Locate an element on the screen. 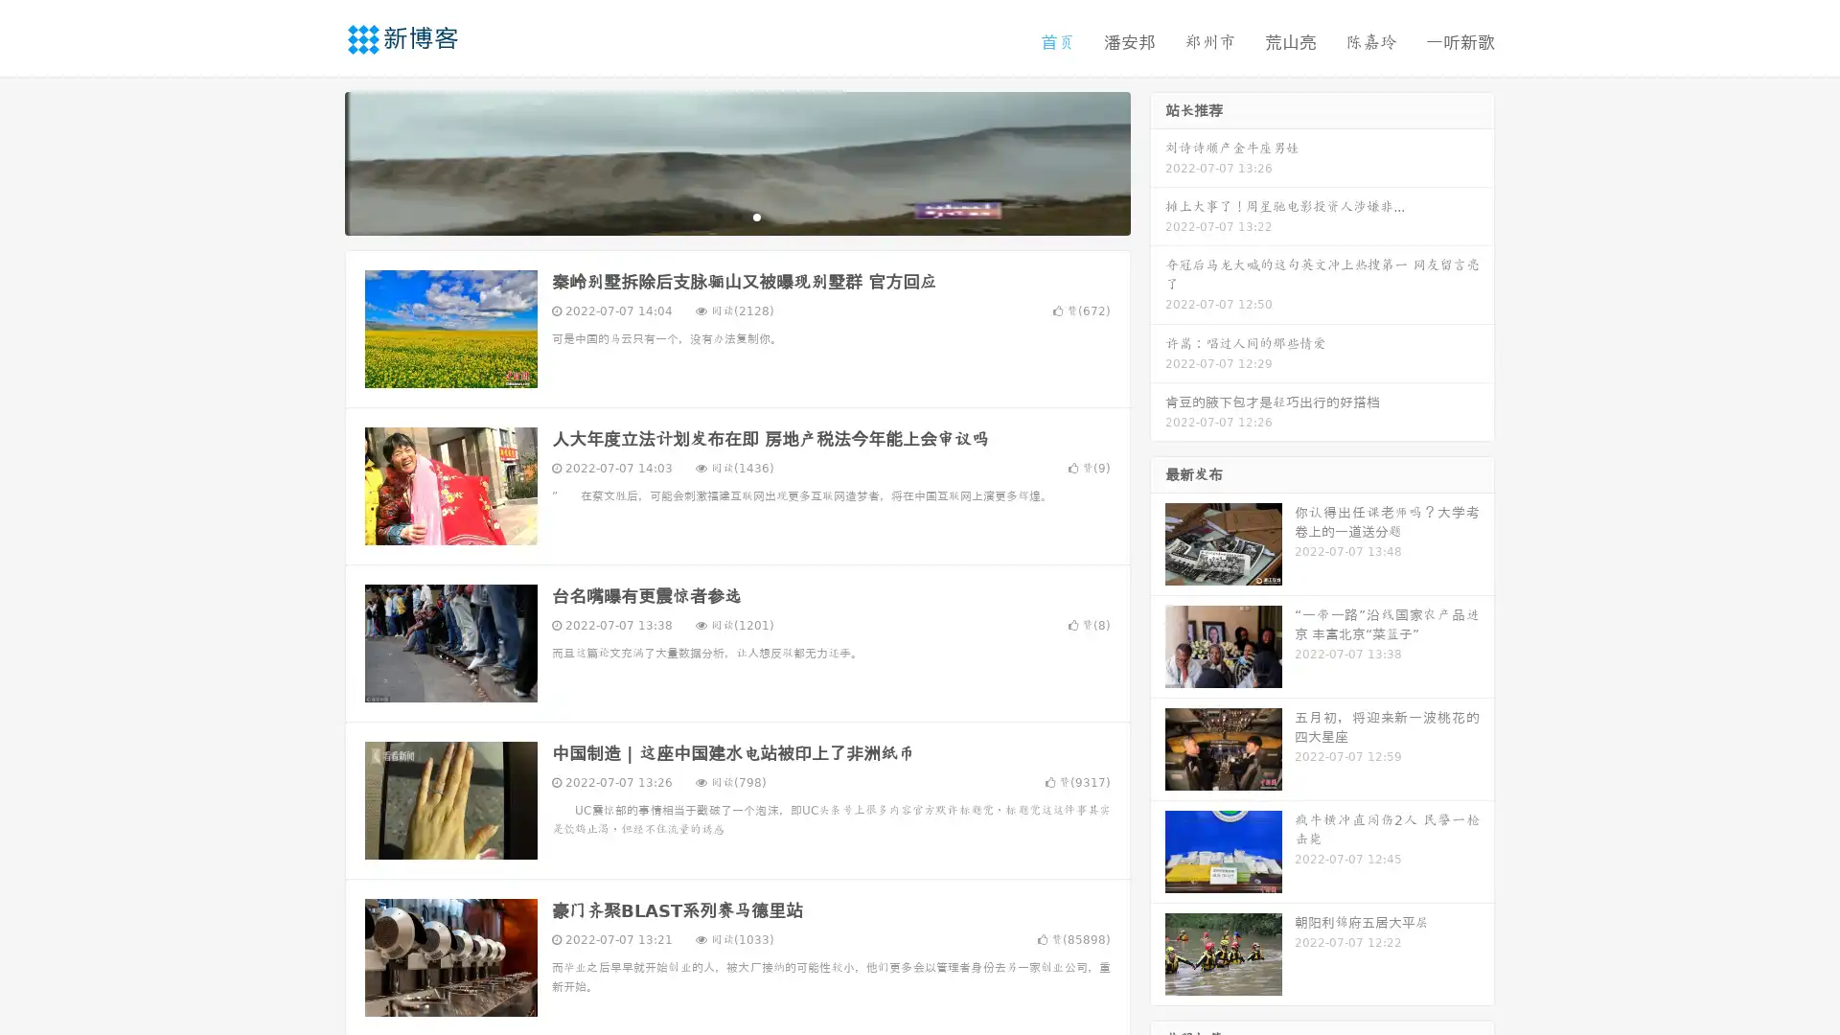  Go to slide 3 is located at coordinates (756, 216).